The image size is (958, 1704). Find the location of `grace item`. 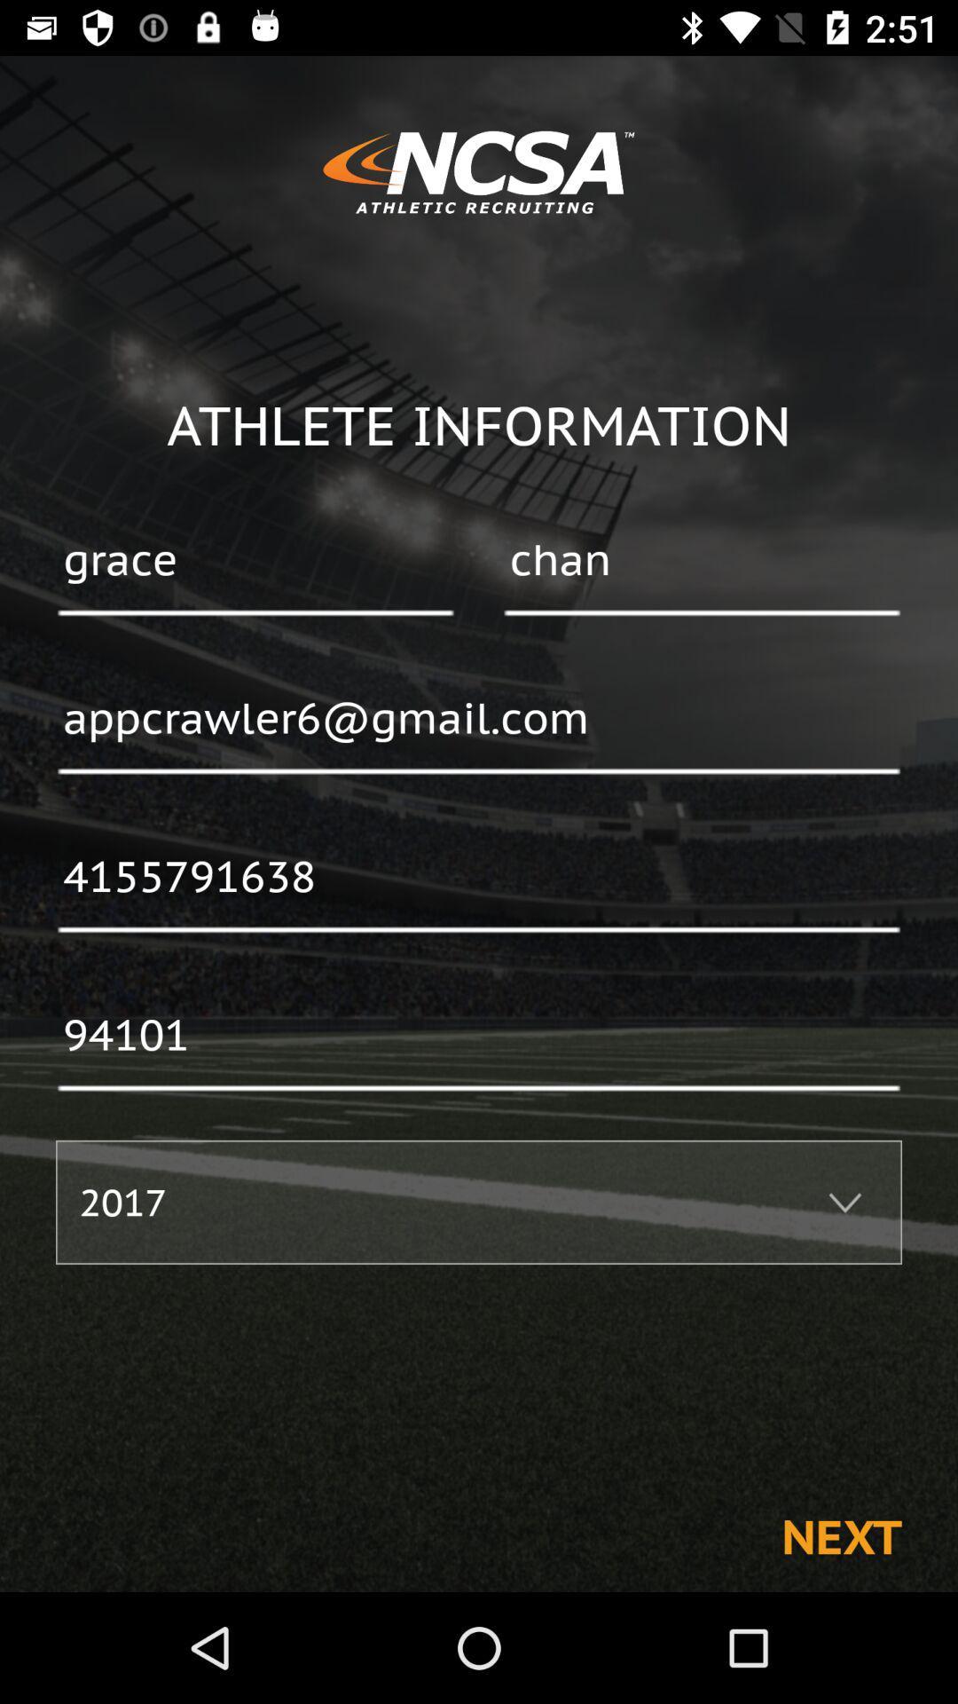

grace item is located at coordinates (255, 561).